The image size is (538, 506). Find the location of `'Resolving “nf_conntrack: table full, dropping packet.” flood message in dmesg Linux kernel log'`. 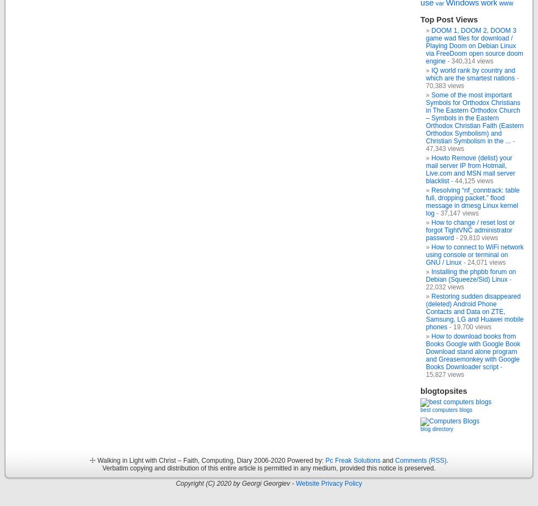

'Resolving “nf_conntrack: table full, dropping packet.” flood message in dmesg Linux kernel log' is located at coordinates (472, 201).